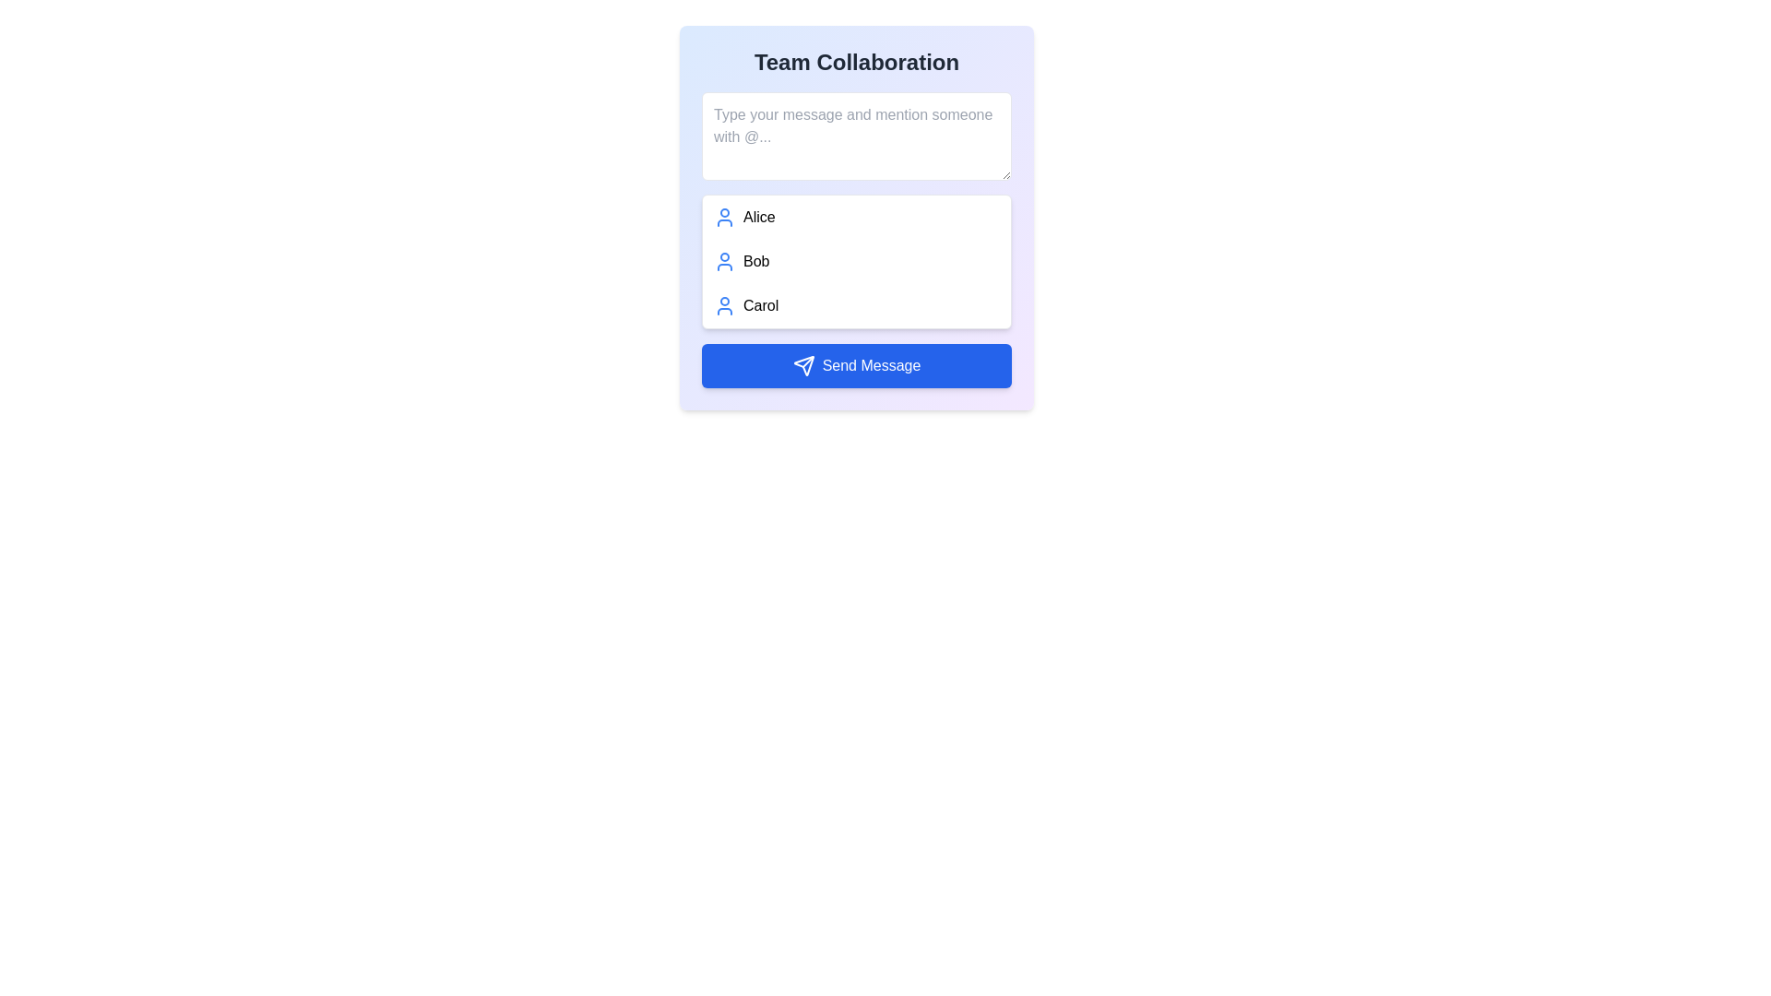  I want to click on the User Icon (SVG) representing the user named 'Carol', which is located in the third entry of the user options list, so click(724, 304).